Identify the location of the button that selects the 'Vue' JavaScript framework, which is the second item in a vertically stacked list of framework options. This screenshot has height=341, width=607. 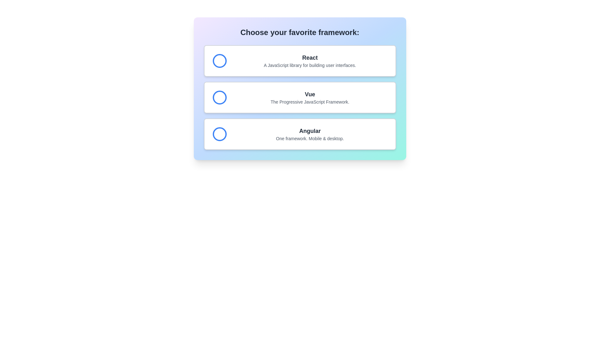
(299, 97).